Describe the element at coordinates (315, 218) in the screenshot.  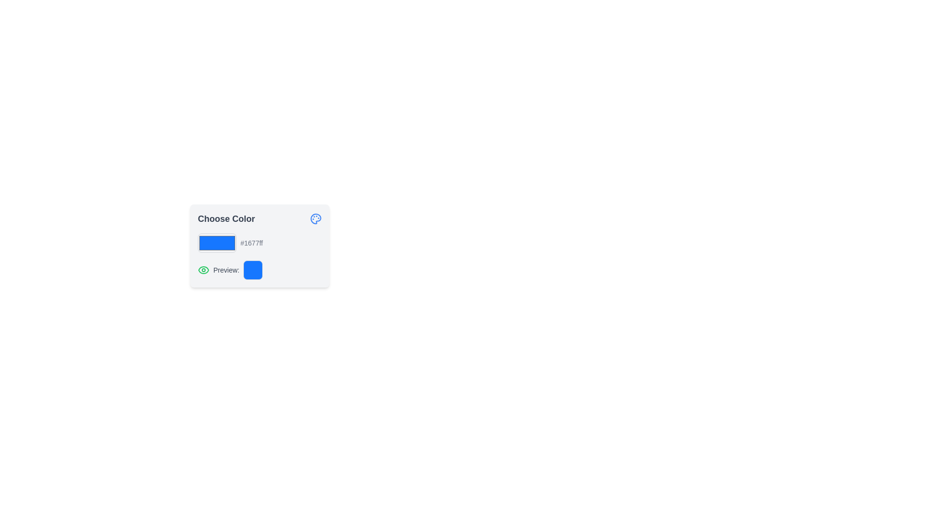
I see `the small blue palette icon located in the top-right corner of the 'Choose Color' section` at that location.